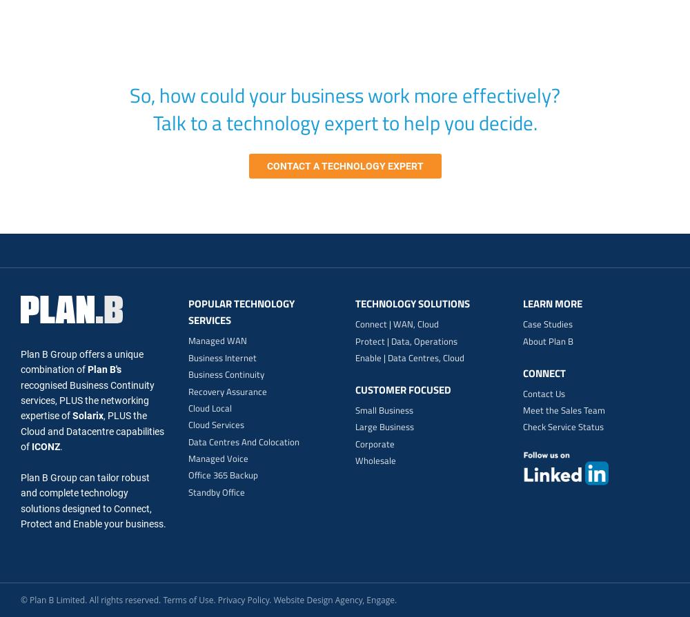 The image size is (690, 617). Describe the element at coordinates (412, 303) in the screenshot. I see `'Technology Solutions'` at that location.